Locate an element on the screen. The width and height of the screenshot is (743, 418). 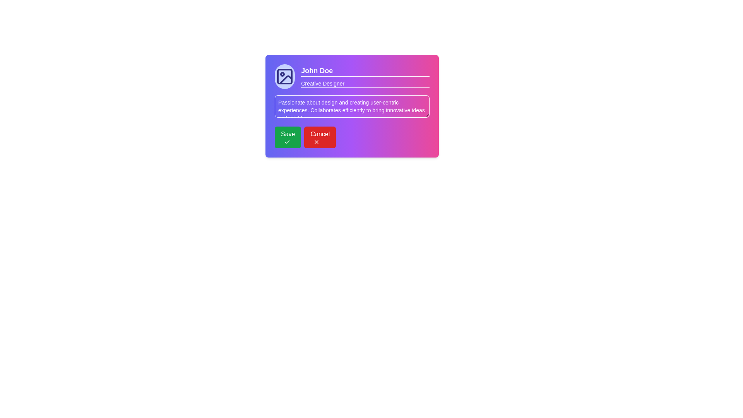
the button group containing 'Save' and 'Cancel' buttons is located at coordinates (352, 137).